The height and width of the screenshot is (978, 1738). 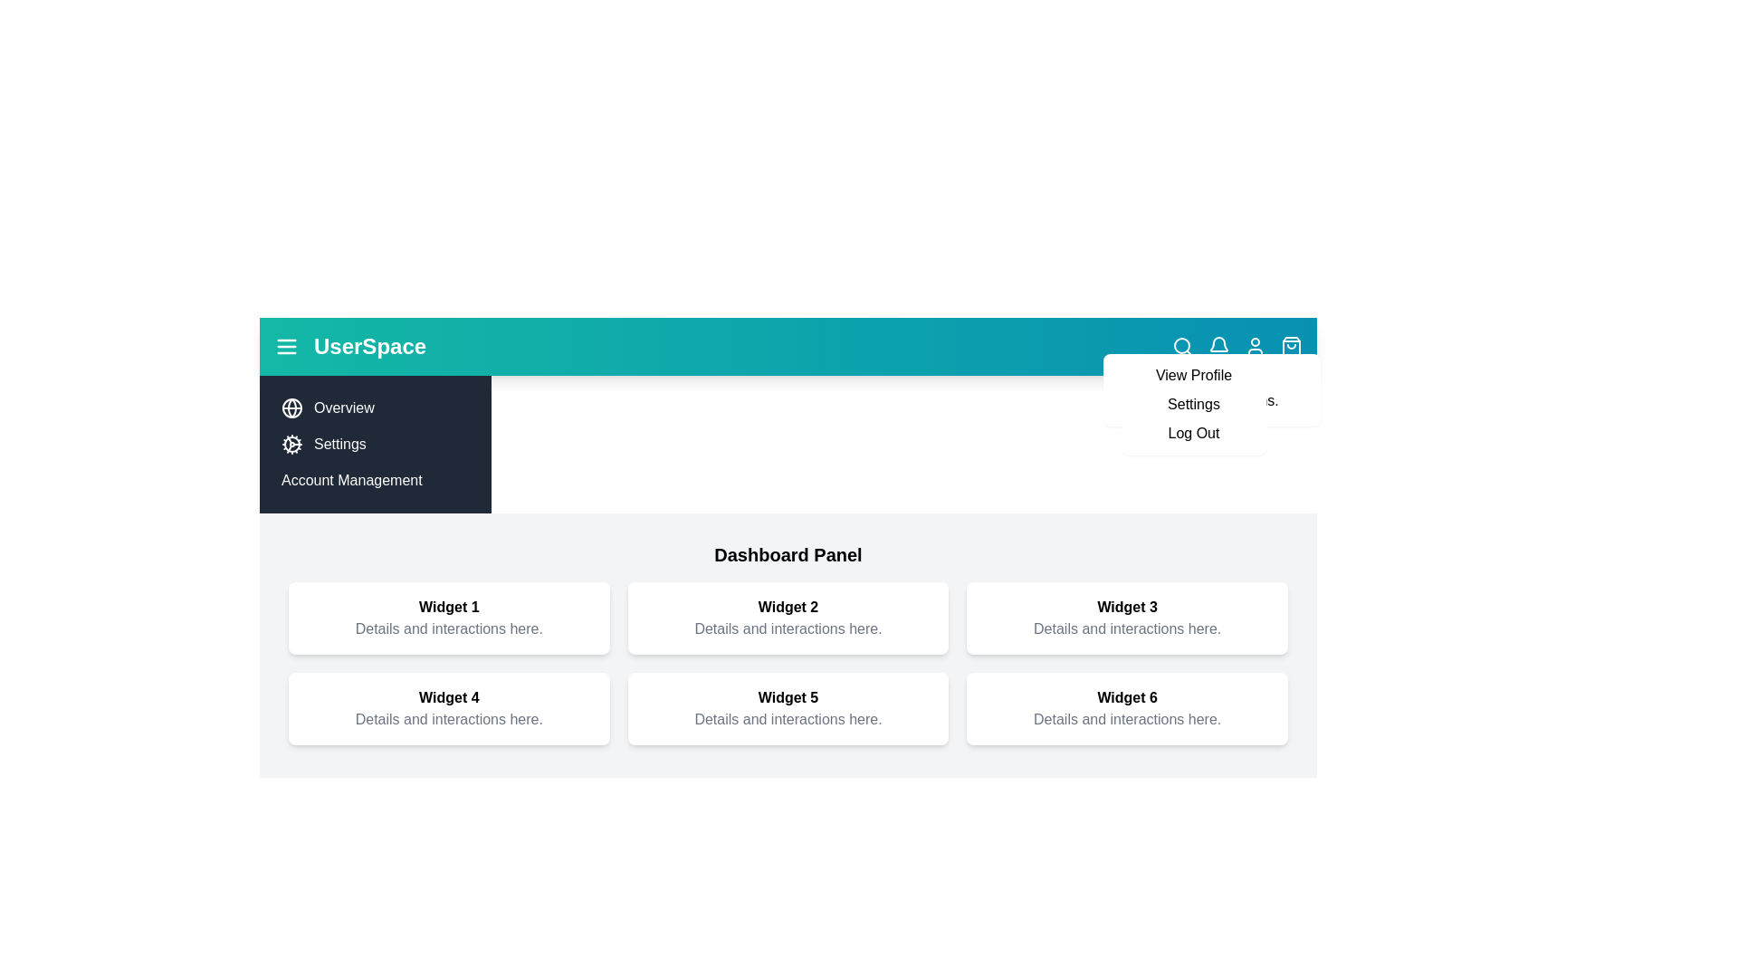 What do you see at coordinates (374, 444) in the screenshot?
I see `the 'Settings' item in the Sidebar navigation menu` at bounding box center [374, 444].